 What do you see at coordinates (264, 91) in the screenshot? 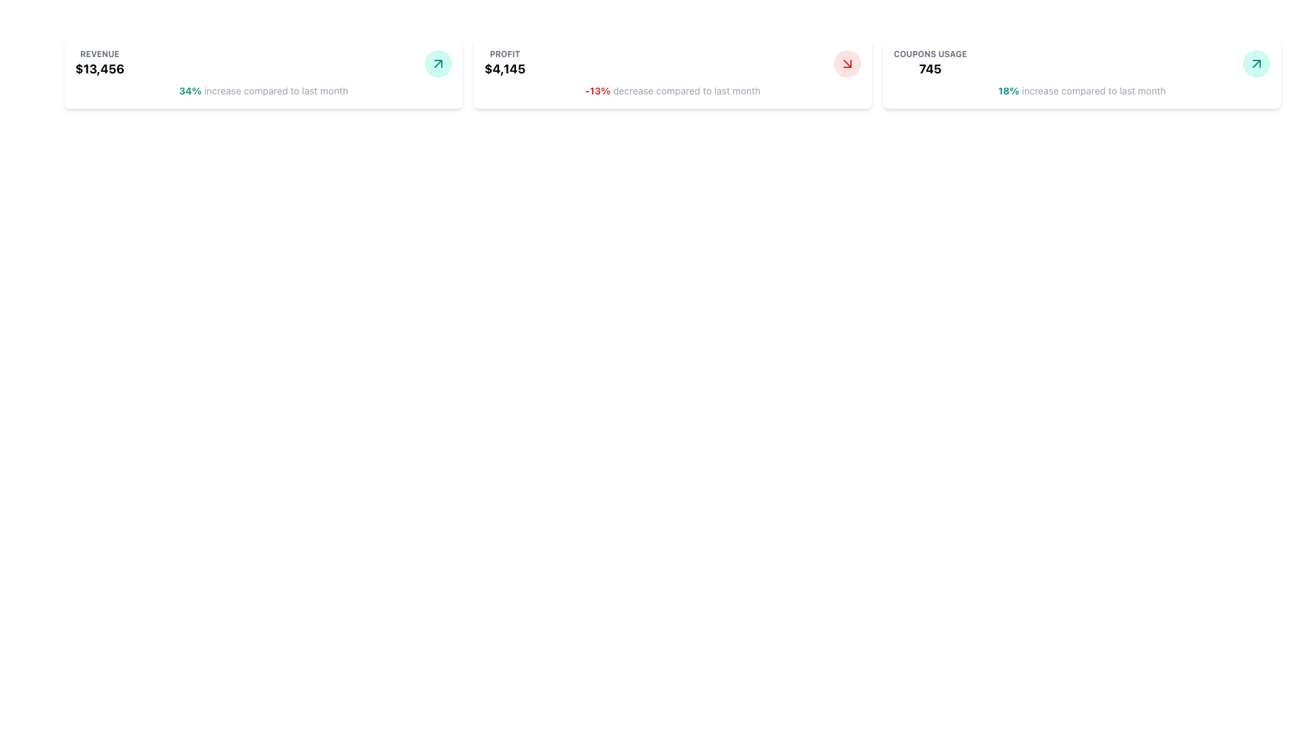
I see `the Text Display showing the comparative statistical metric indicating an increase percentage compared to a prior period, located at the bottom of the rectangular card in the top-left area of the interface` at bounding box center [264, 91].